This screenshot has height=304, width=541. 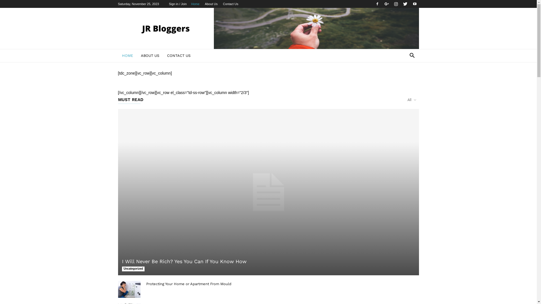 I want to click on 'I Will Never Be Rich? Yes You Can If You Know How', so click(x=268, y=192).